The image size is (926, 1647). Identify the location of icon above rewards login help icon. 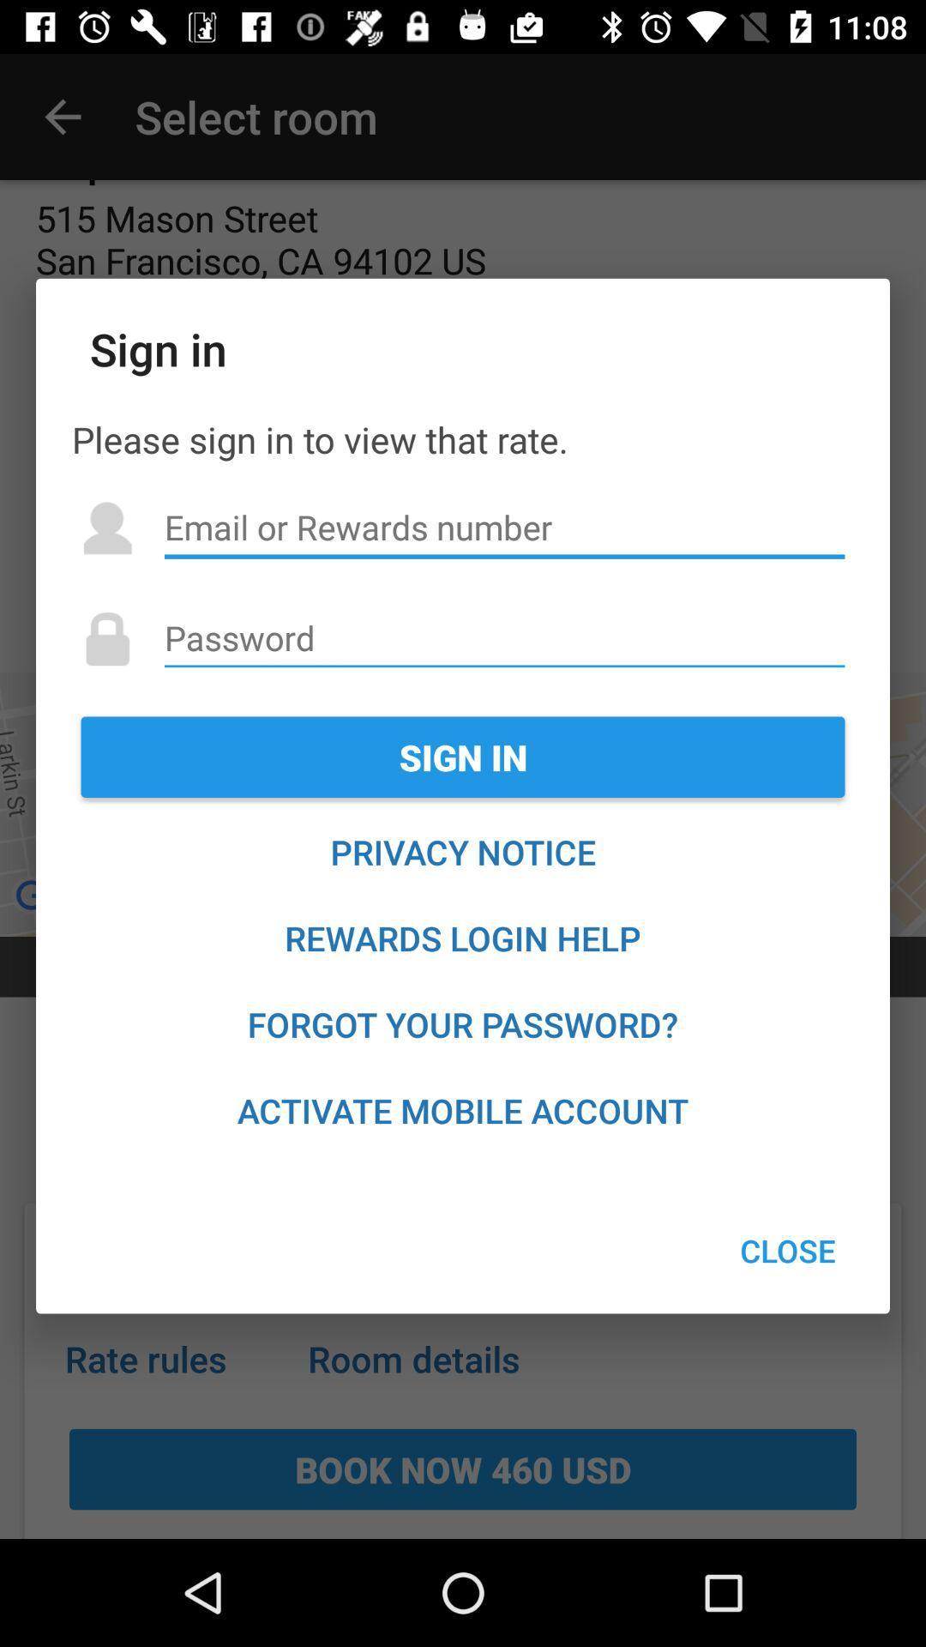
(463, 852).